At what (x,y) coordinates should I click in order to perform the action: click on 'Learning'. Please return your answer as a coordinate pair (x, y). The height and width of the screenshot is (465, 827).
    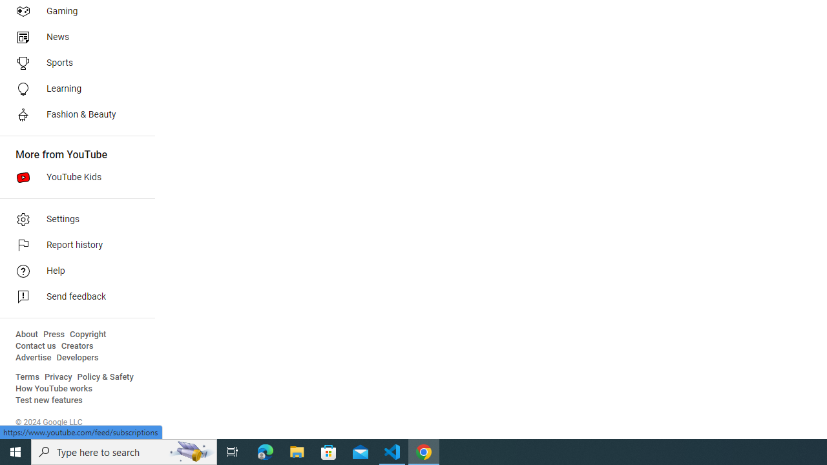
    Looking at the image, I should click on (72, 88).